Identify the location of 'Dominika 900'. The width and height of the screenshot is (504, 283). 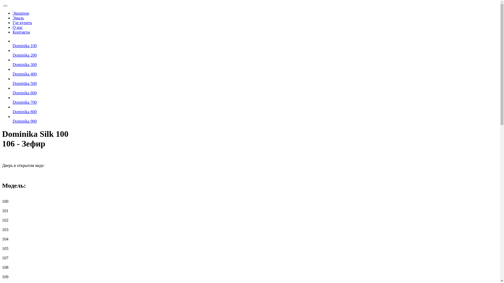
(24, 121).